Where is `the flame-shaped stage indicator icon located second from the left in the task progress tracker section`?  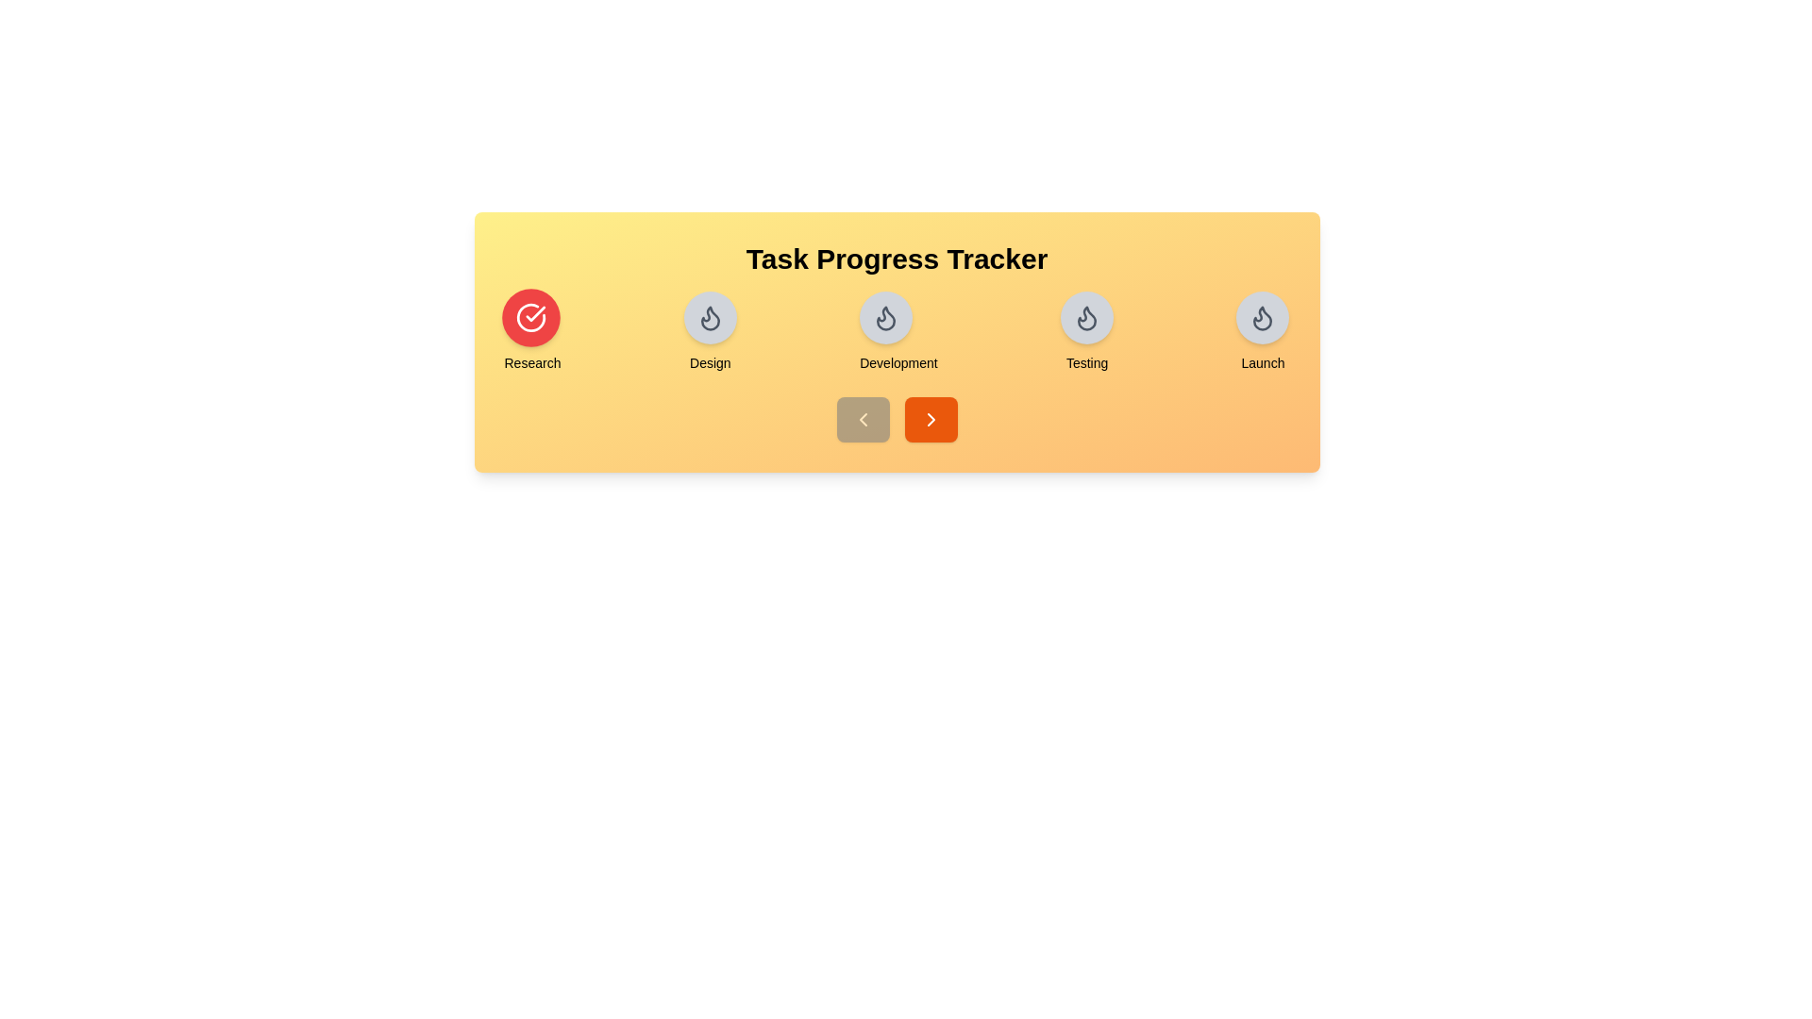
the flame-shaped stage indicator icon located second from the left in the task progress tracker section is located at coordinates (885, 317).